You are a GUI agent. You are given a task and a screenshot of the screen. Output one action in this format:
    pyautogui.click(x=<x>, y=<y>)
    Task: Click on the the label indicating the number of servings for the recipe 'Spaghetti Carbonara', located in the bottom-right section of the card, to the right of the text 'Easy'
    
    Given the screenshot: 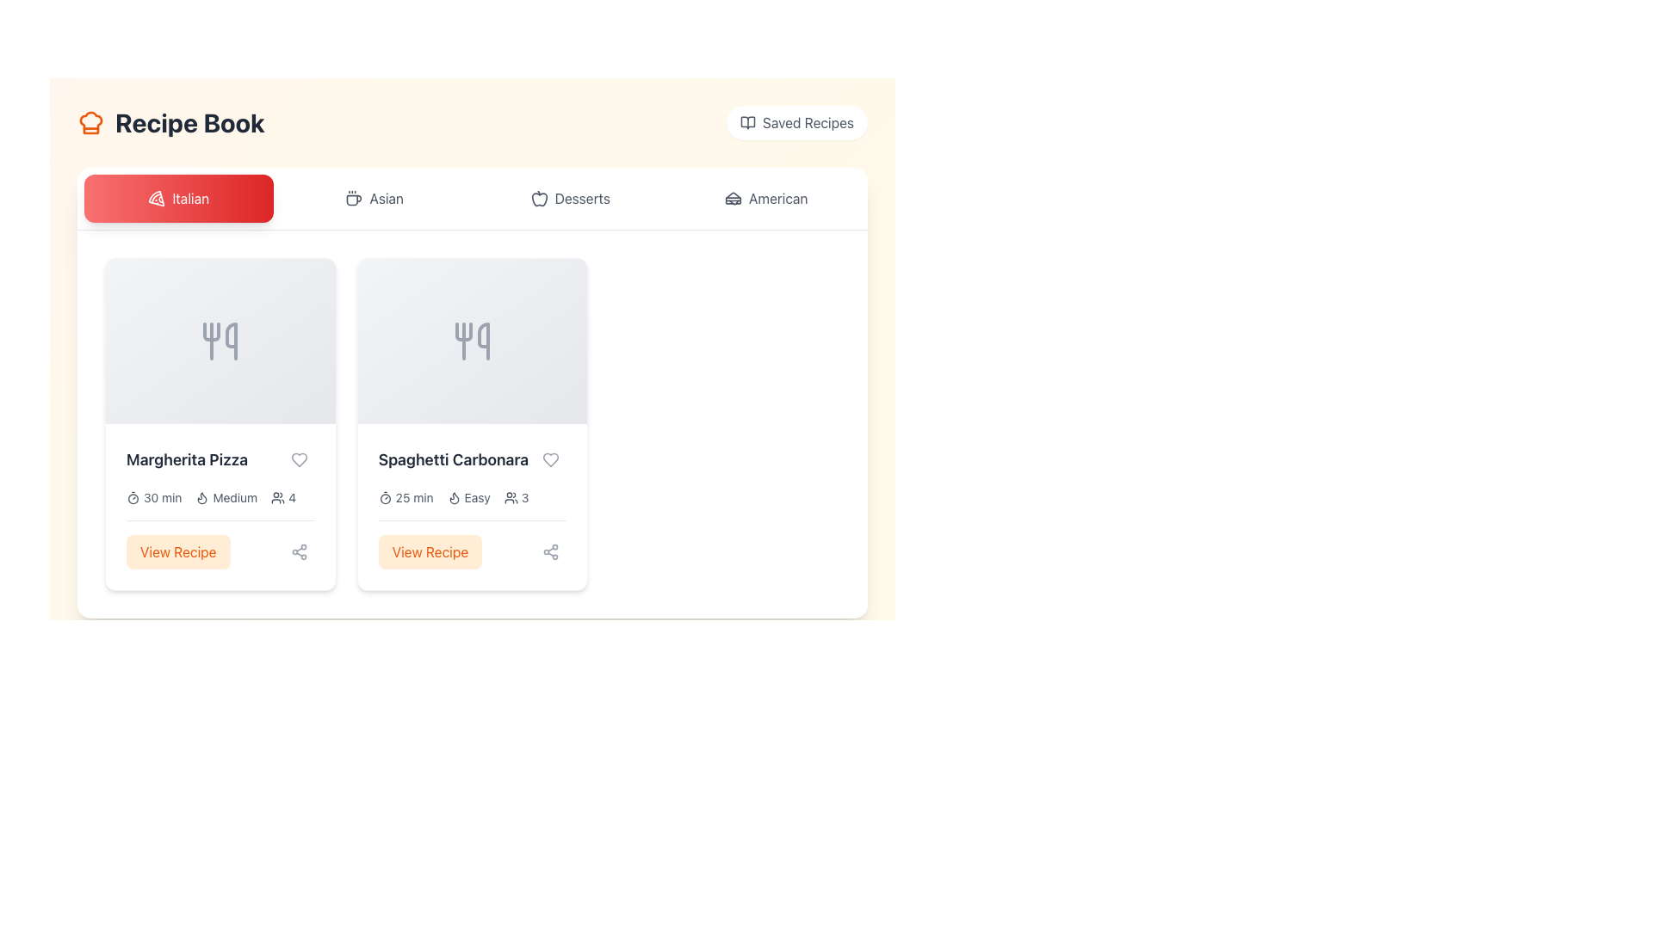 What is the action you would take?
    pyautogui.click(x=516, y=497)
    